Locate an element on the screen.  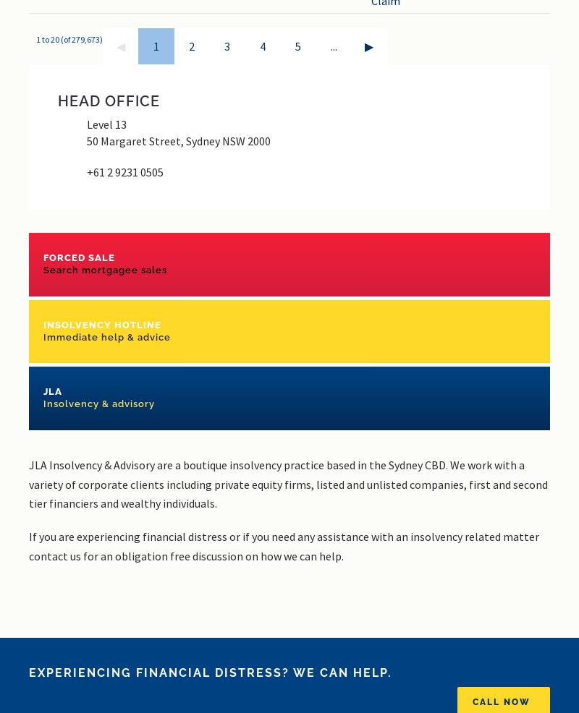
'Search mortgagee sales' is located at coordinates (105, 268).